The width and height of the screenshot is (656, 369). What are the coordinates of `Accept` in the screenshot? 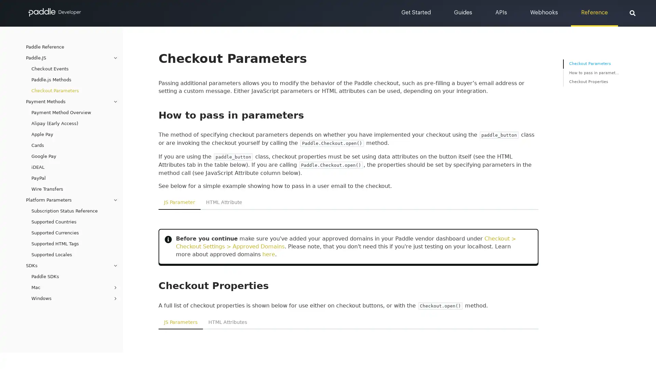 It's located at (464, 84).